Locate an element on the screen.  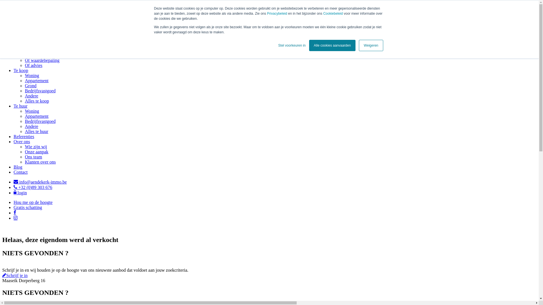
'Onze aanpak' is located at coordinates (36, 151).